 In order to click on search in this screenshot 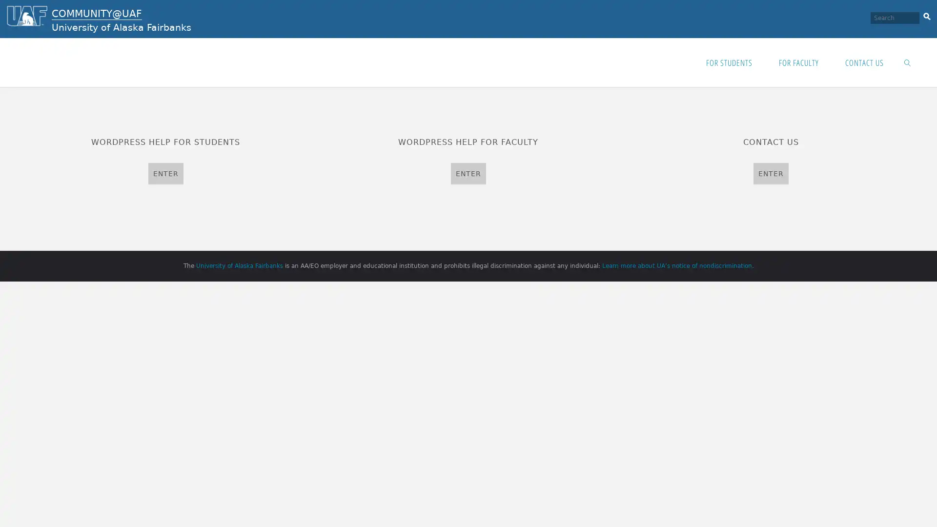, I will do `click(926, 15)`.